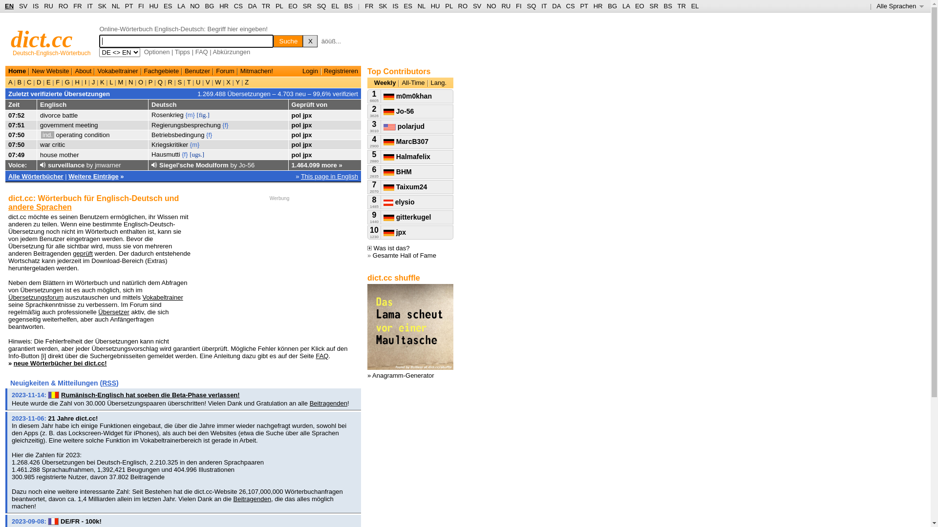 This screenshot has height=527, width=938. I want to click on 'Weekly', so click(384, 82).